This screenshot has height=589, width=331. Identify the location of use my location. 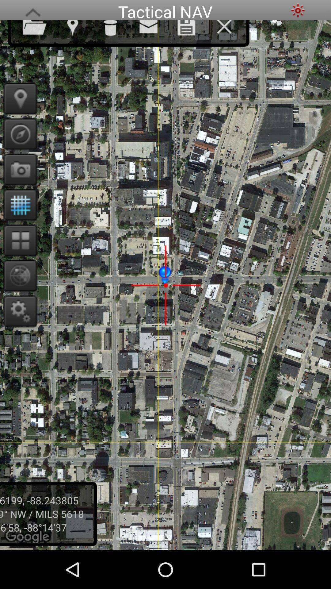
(18, 98).